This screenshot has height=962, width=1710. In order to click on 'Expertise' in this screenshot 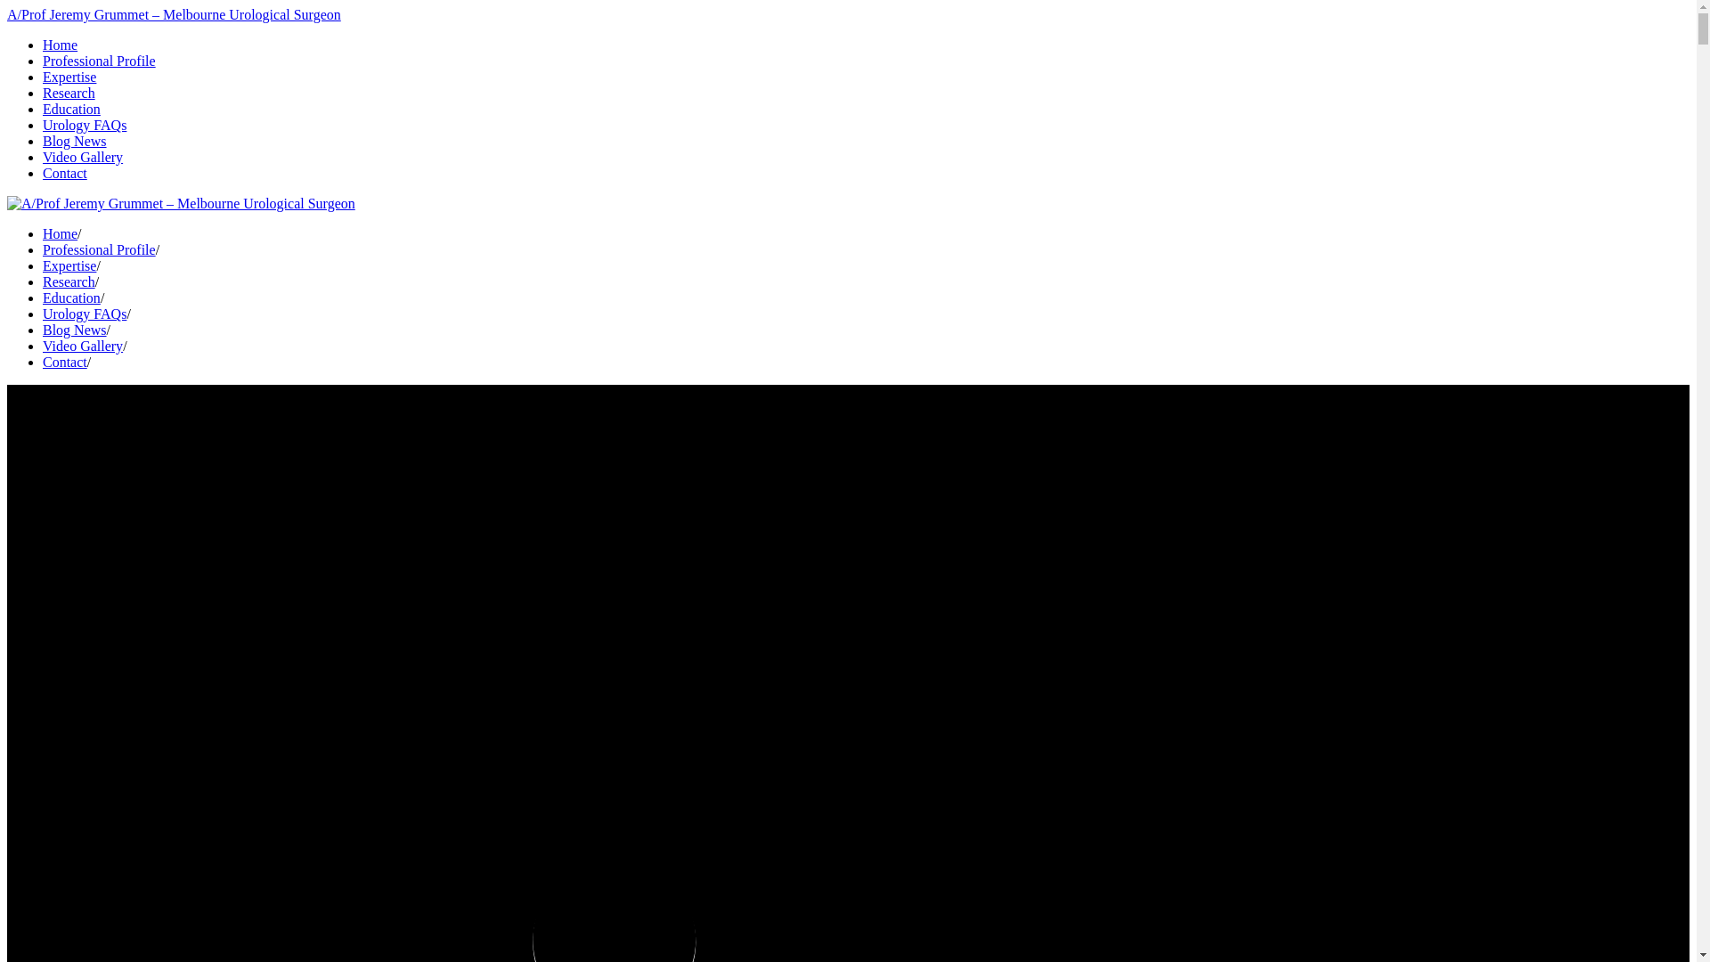, I will do `click(69, 265)`.